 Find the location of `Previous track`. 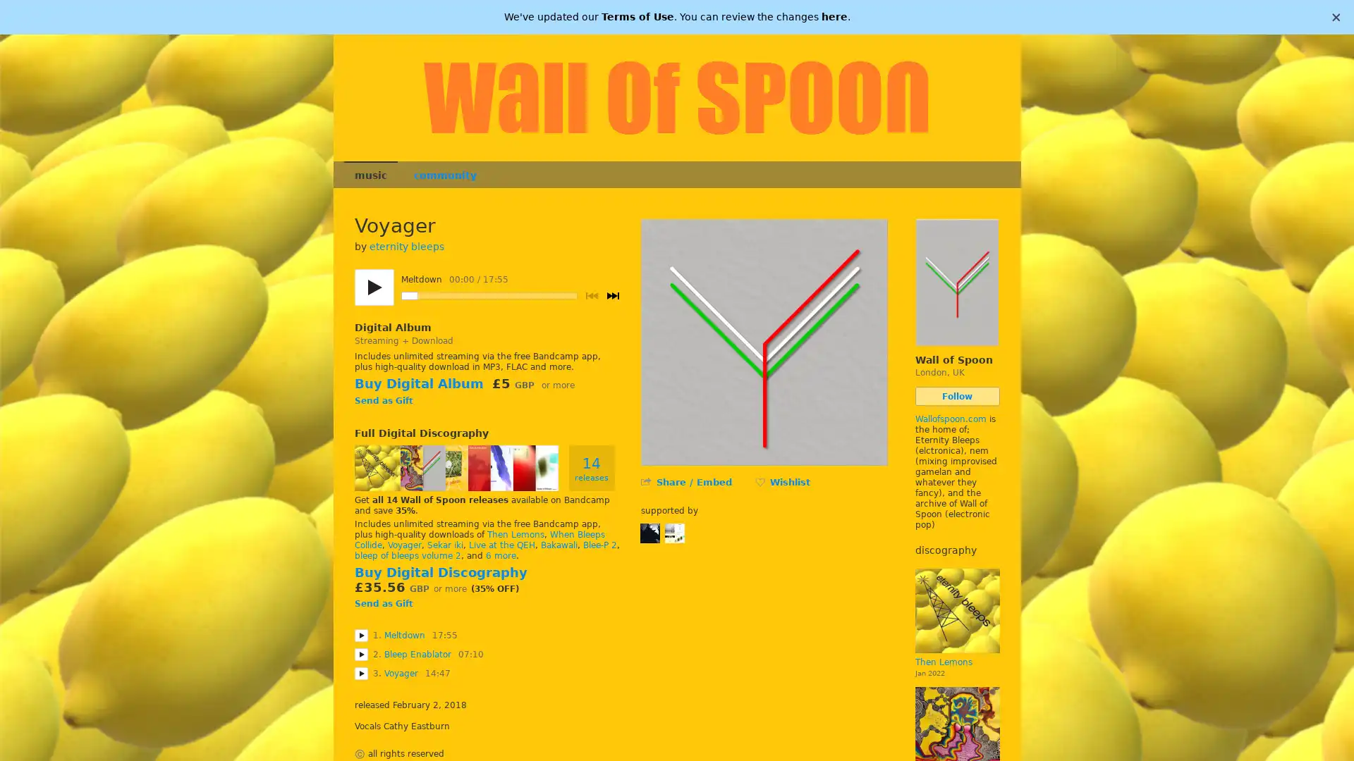

Previous track is located at coordinates (591, 295).